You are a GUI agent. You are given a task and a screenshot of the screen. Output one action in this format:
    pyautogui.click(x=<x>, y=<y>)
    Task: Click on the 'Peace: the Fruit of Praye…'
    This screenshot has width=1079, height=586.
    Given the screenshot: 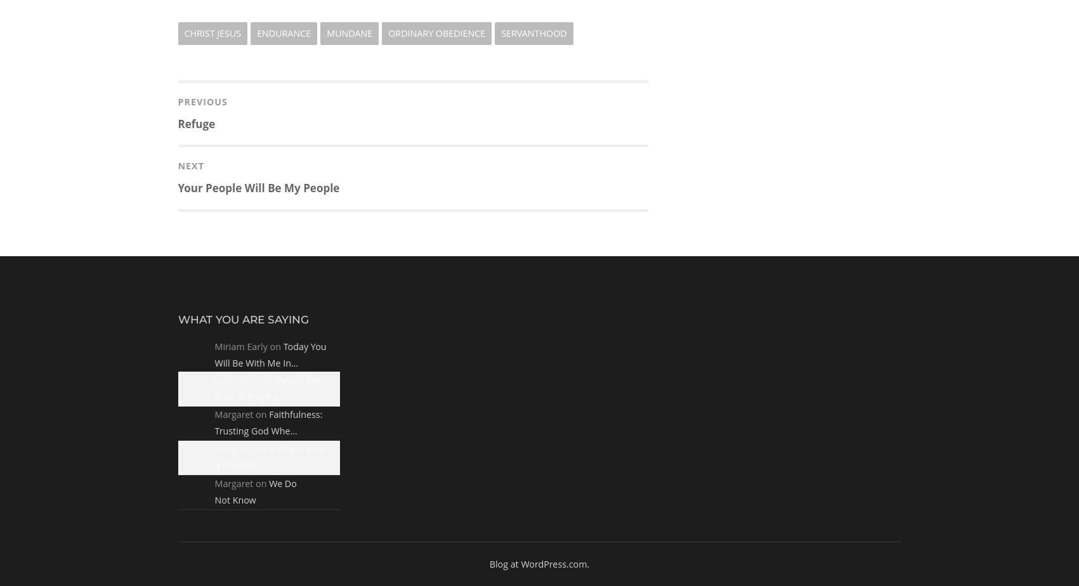 What is the action you would take?
    pyautogui.click(x=266, y=387)
    